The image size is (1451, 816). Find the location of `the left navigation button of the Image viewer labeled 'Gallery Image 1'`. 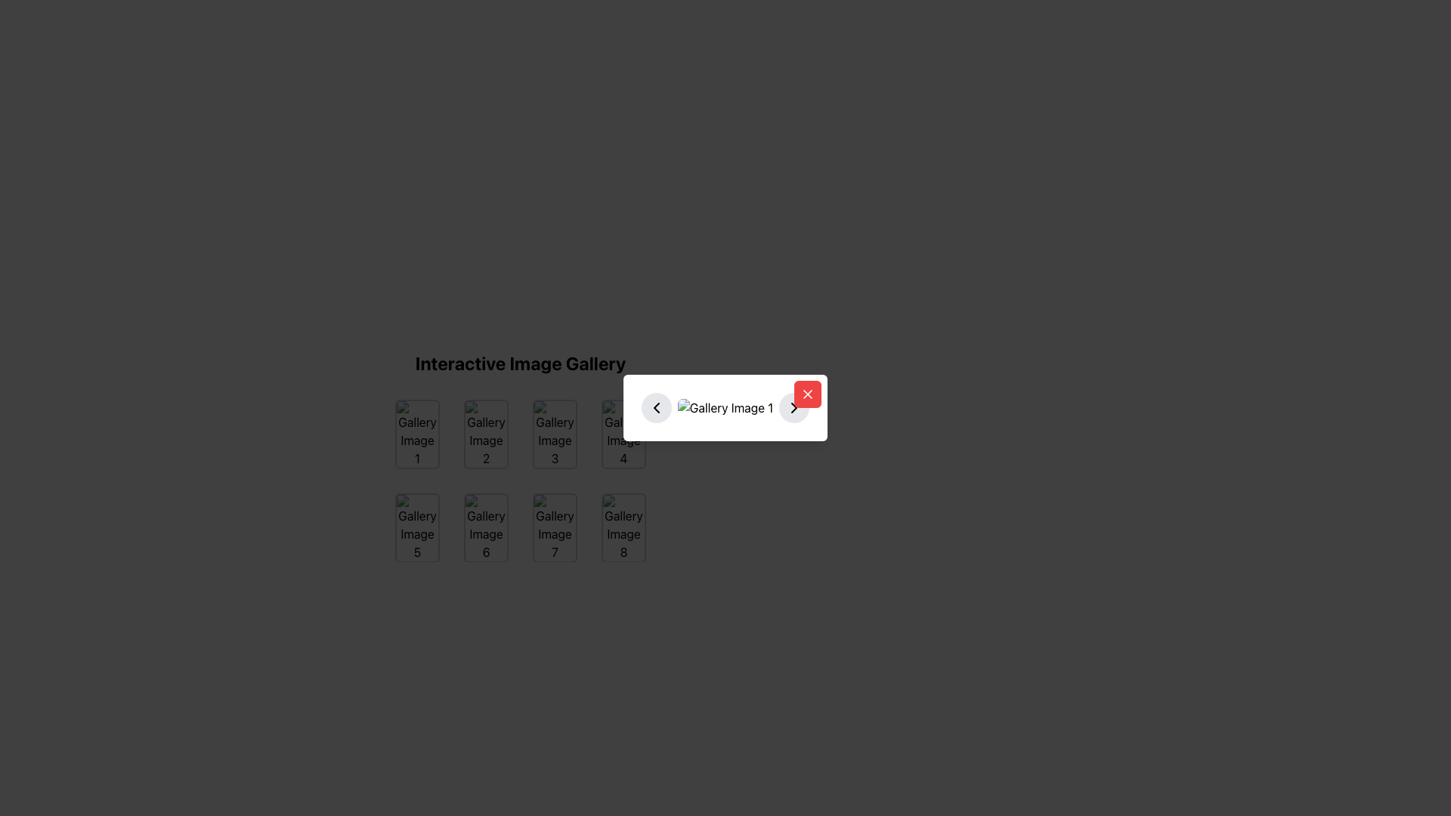

the left navigation button of the Image viewer labeled 'Gallery Image 1' is located at coordinates (725, 408).